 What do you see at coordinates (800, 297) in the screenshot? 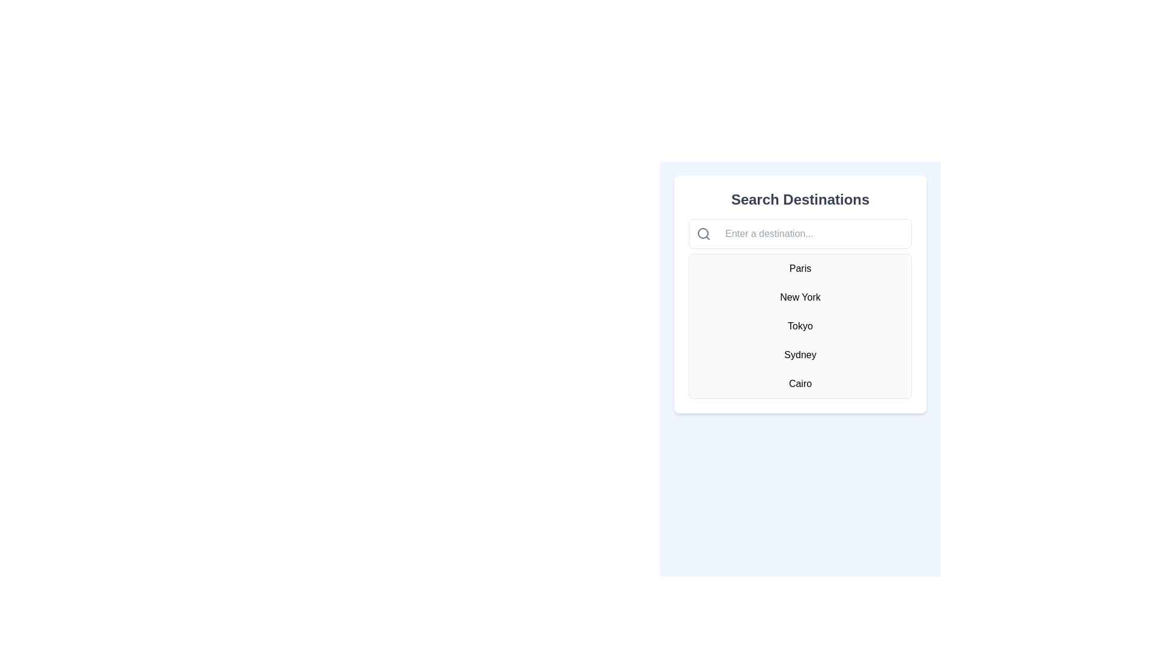
I see `the list item labeled 'New York', which is styled like a button and is the second option in a vertical menu beneath the 'Search Destinations' bar` at bounding box center [800, 297].